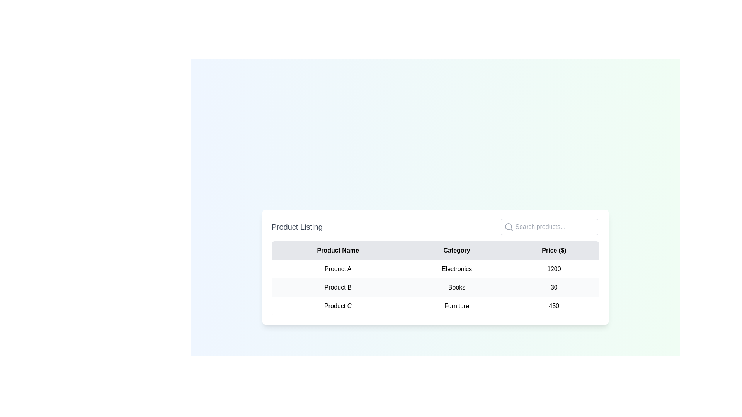 Image resolution: width=742 pixels, height=417 pixels. What do you see at coordinates (435, 269) in the screenshot?
I see `the first row of the table containing 'Product A', 'Electronics', and '1200'` at bounding box center [435, 269].